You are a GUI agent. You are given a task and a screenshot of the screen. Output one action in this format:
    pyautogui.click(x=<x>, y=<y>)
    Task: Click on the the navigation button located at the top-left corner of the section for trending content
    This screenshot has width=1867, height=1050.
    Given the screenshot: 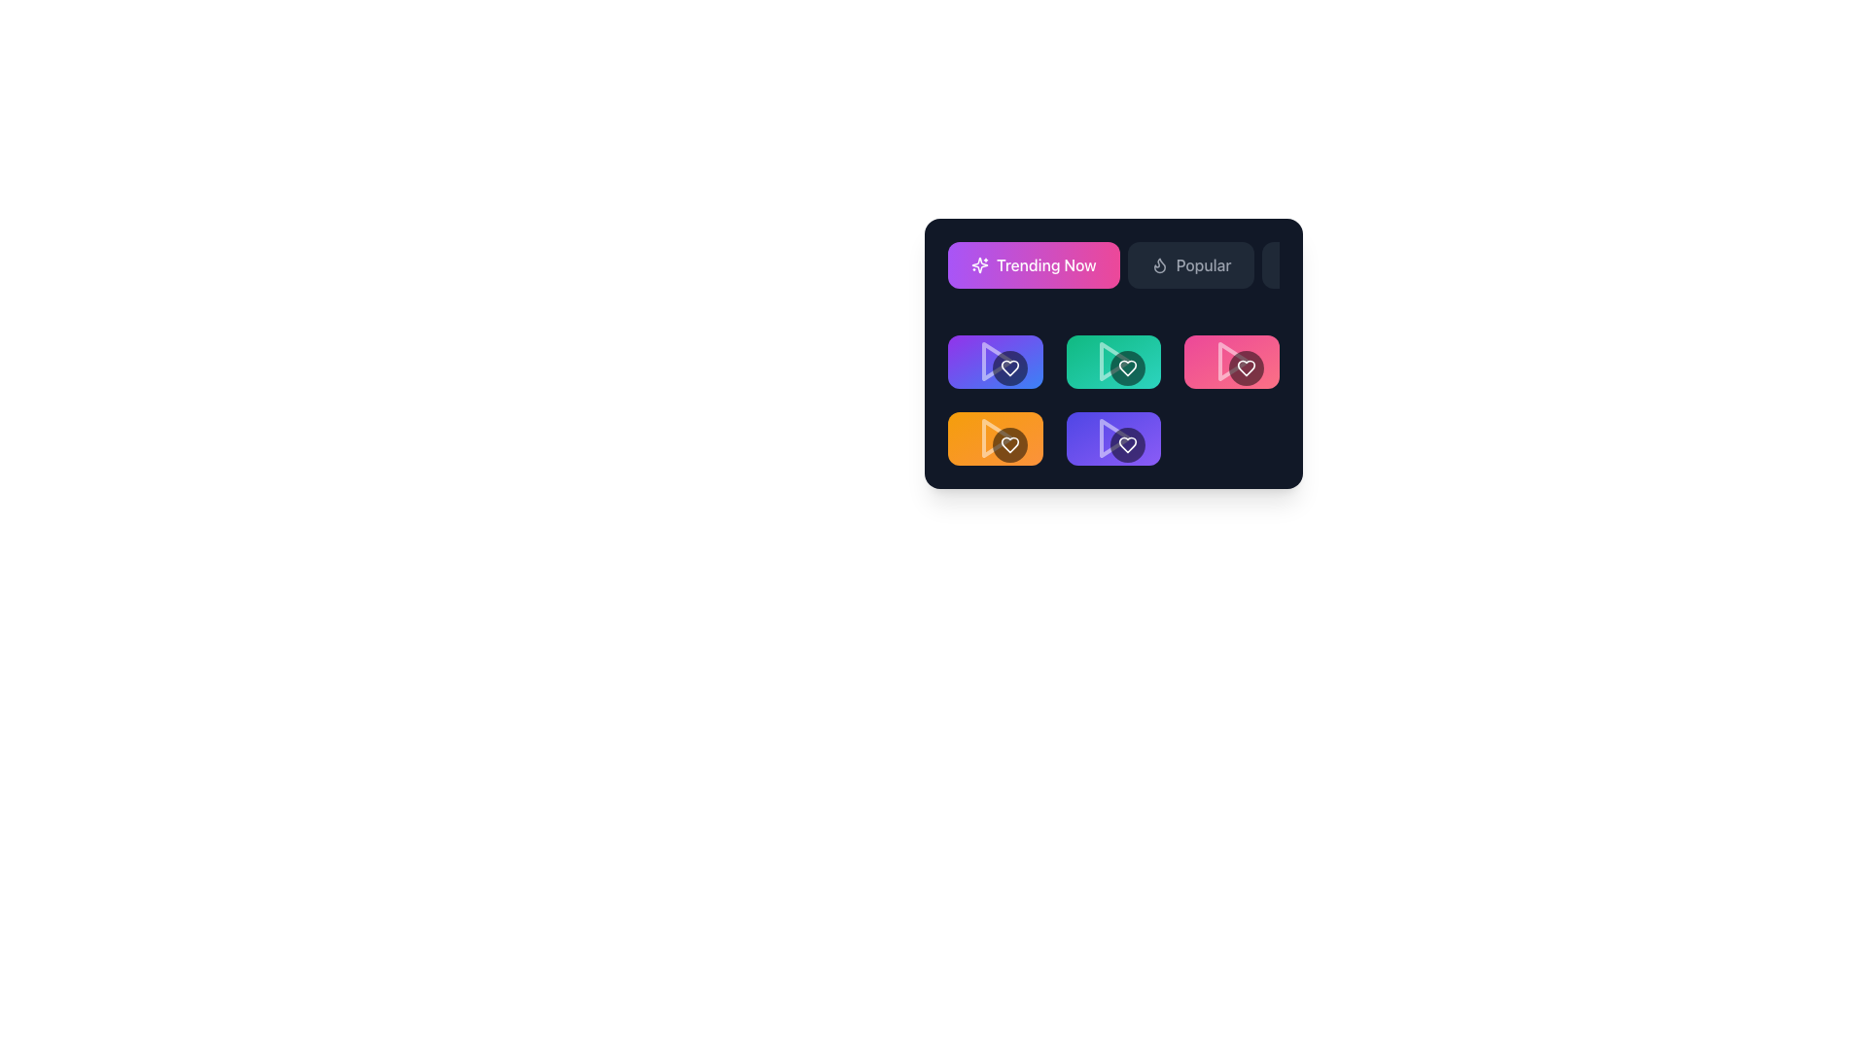 What is the action you would take?
    pyautogui.click(x=995, y=283)
    